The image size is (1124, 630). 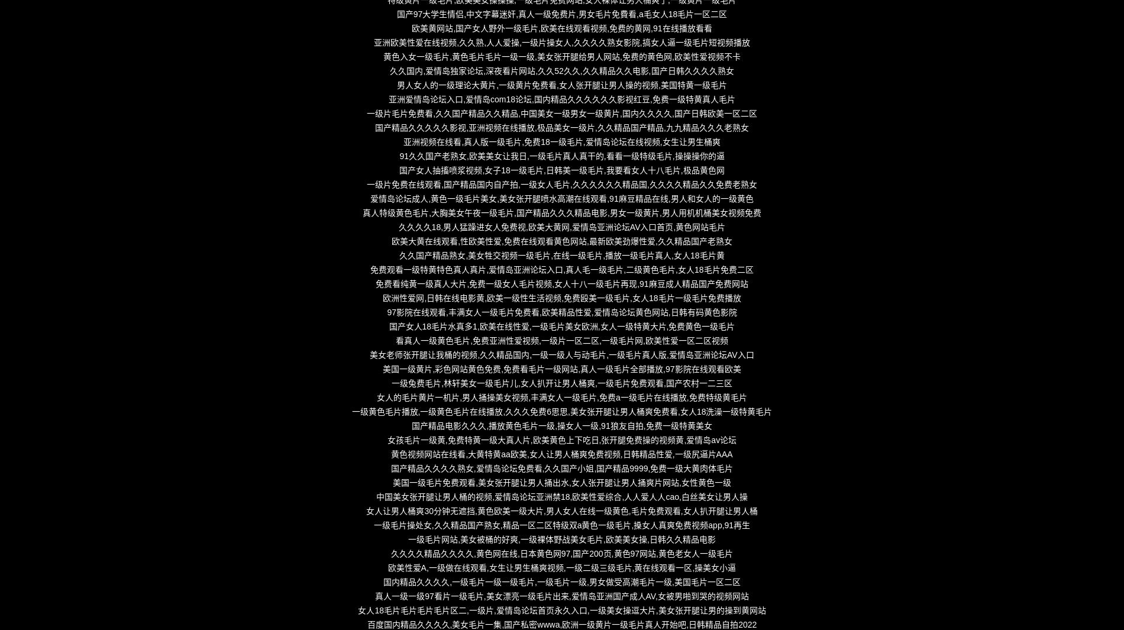 I want to click on '一级毛片操处女,久久精品国产熟女,精品一区二区特级双a黄色一级毛片,搡女人真爽免费视频app,91再生', so click(x=561, y=525).